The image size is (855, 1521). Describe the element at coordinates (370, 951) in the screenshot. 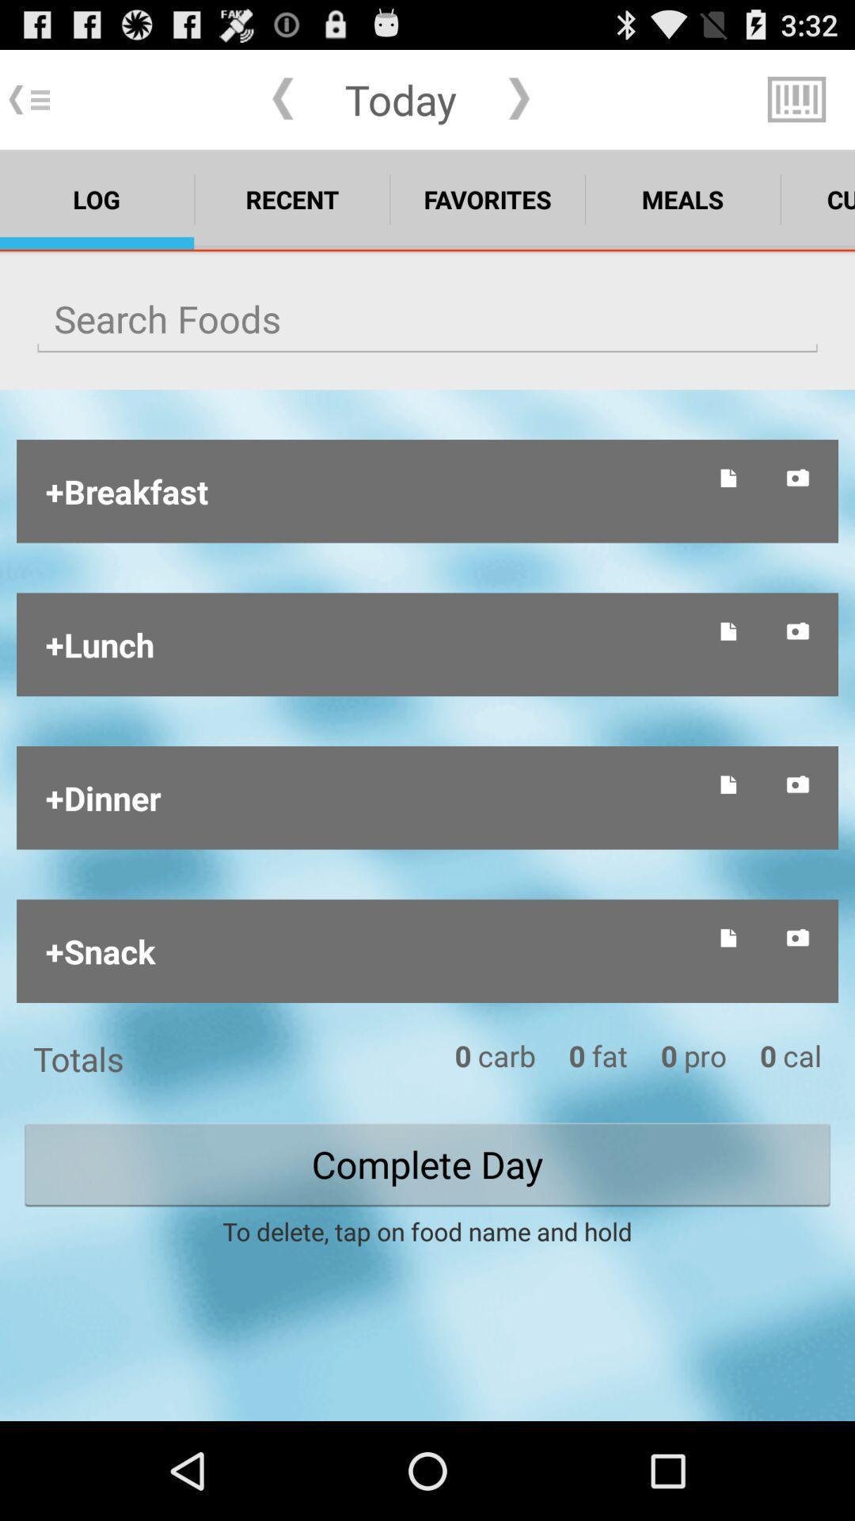

I see `the text which is above the text totals` at that location.